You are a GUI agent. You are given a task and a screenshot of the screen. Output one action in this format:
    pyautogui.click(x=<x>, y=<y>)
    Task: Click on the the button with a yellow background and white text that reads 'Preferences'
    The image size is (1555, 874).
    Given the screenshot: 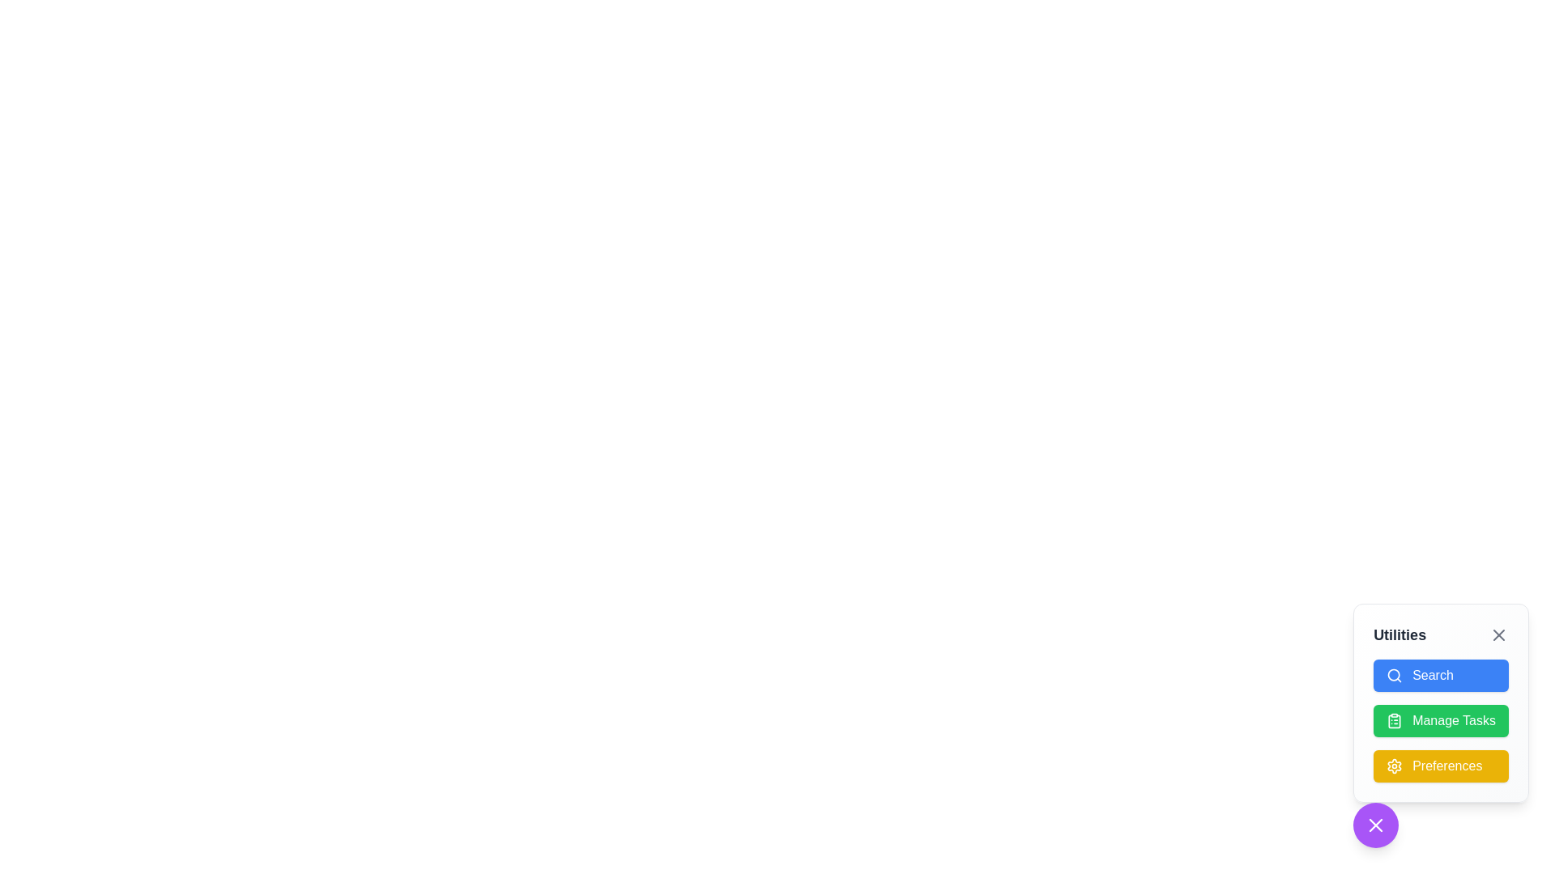 What is the action you would take?
    pyautogui.click(x=1441, y=766)
    